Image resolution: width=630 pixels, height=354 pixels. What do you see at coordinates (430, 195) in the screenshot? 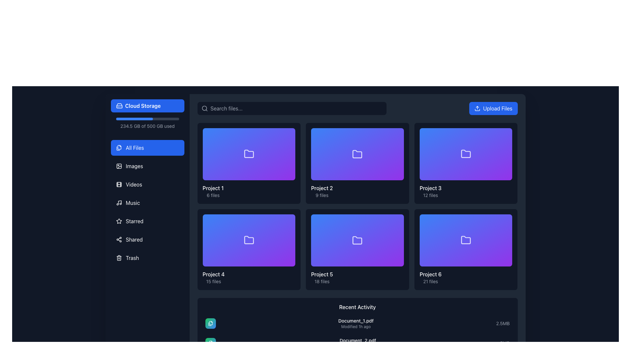
I see `the static text label indicating the number of files associated with the 'Project 3' folder, located beneath the 'Project 3' label in the project card grid` at bounding box center [430, 195].